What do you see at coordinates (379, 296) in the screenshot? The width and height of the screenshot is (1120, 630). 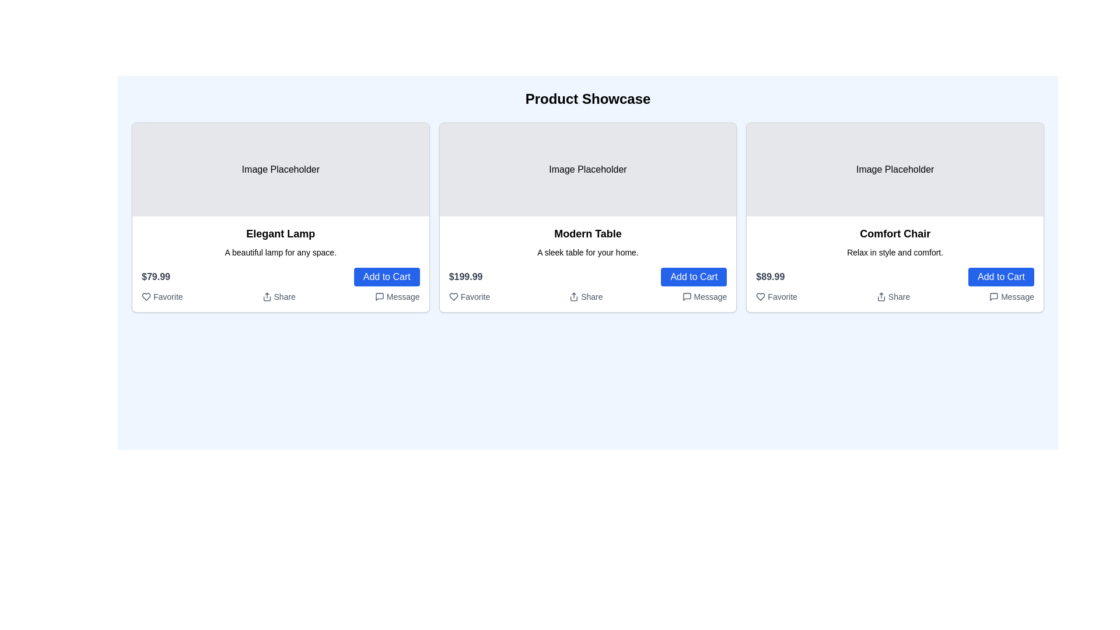 I see `the message icon located` at bounding box center [379, 296].